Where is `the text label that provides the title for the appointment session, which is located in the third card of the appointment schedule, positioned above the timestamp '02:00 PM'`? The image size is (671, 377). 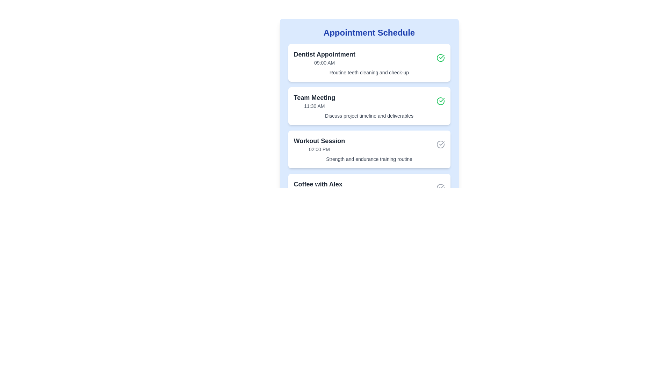 the text label that provides the title for the appointment session, which is located in the third card of the appointment schedule, positioned above the timestamp '02:00 PM' is located at coordinates (319, 141).